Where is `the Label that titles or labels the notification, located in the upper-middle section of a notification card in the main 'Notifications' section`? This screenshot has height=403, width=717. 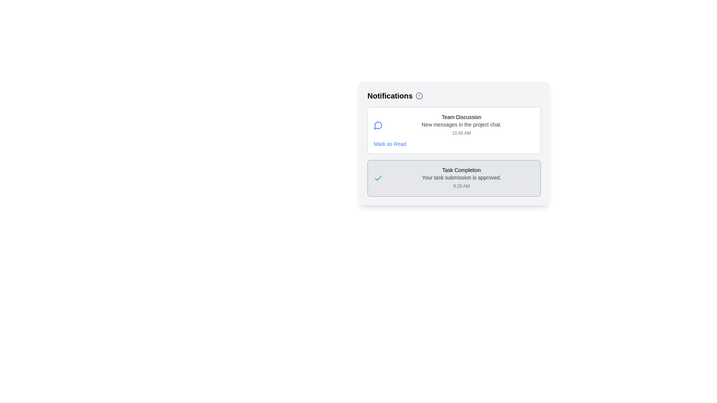
the Label that titles or labels the notification, located in the upper-middle section of a notification card in the main 'Notifications' section is located at coordinates (461, 117).